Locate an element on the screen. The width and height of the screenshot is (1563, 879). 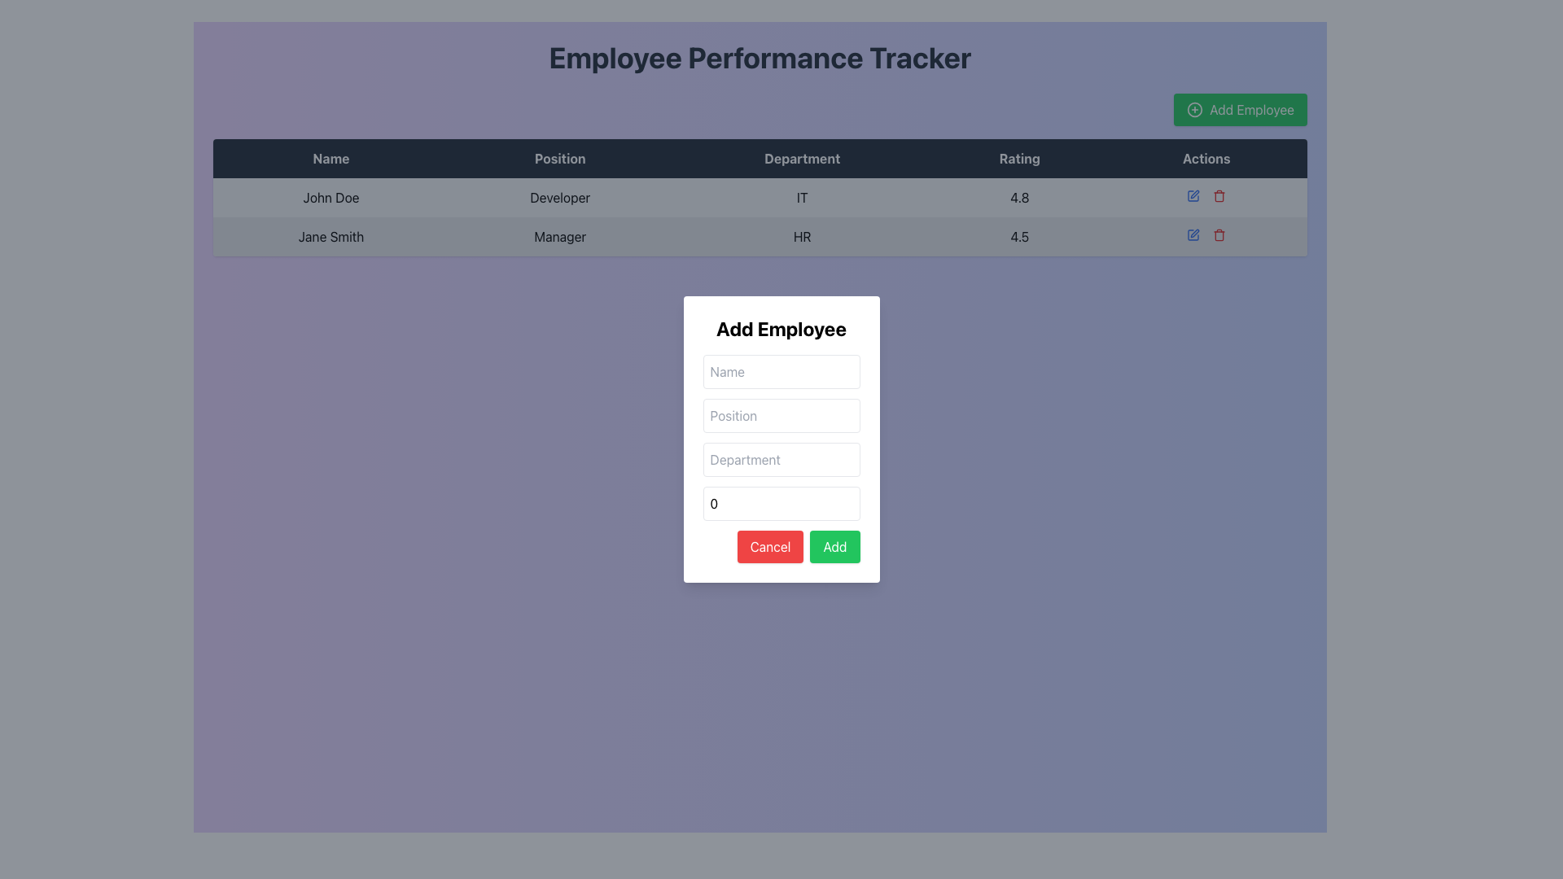
the 'Cancel' button, which is a rectangular button with a red background and white text, located in the bottom-right section of the 'Add Employee' dialog box is located at coordinates (781, 546).